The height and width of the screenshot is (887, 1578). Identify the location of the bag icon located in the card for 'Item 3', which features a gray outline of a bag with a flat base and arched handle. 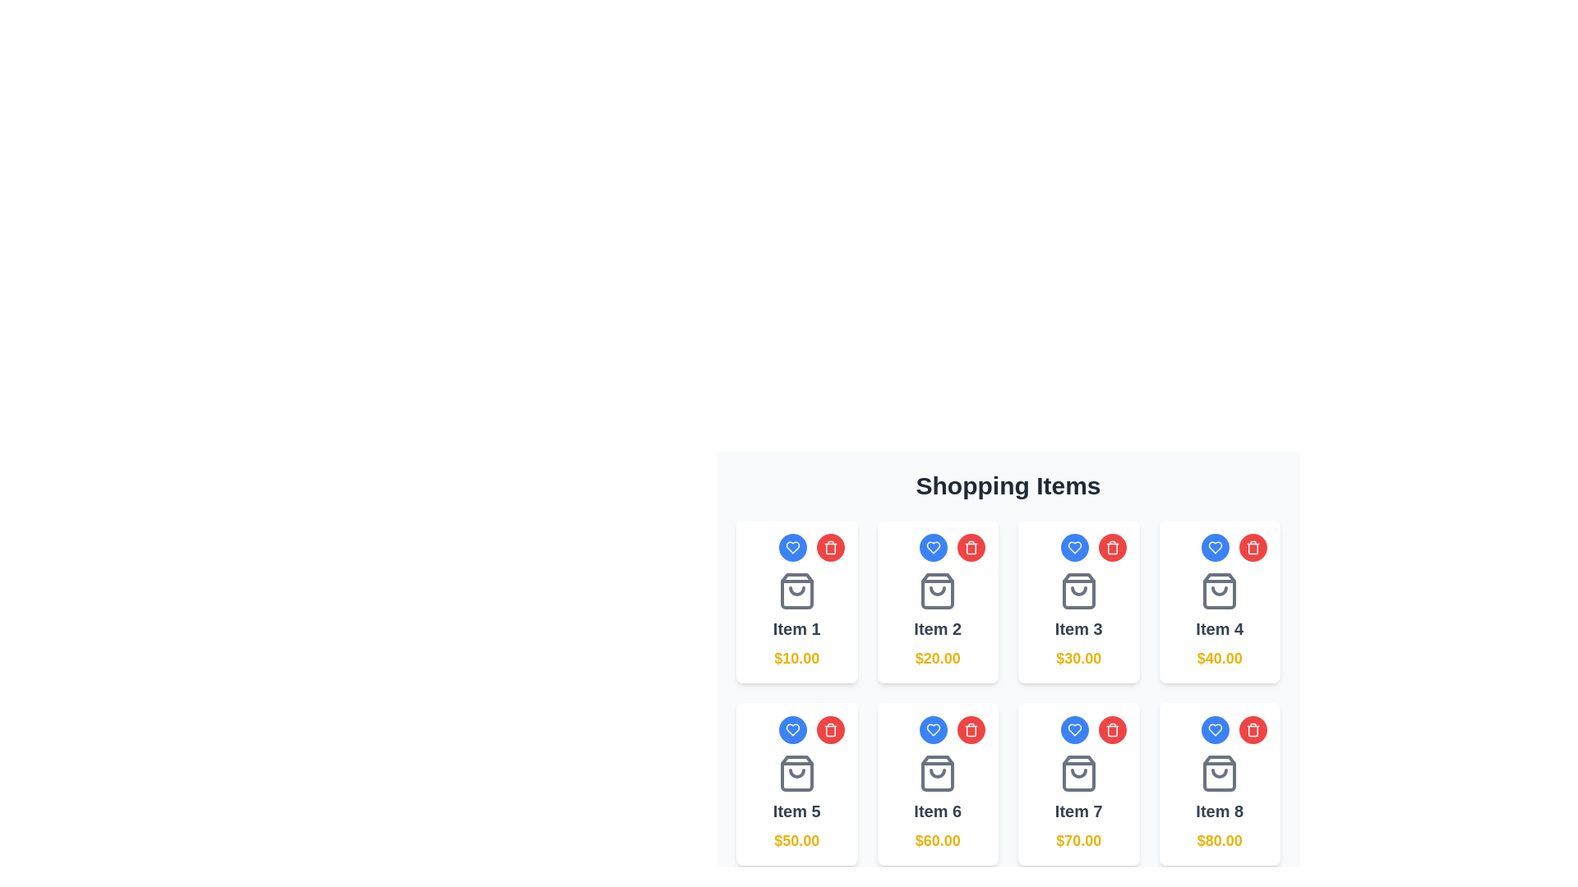
(1078, 591).